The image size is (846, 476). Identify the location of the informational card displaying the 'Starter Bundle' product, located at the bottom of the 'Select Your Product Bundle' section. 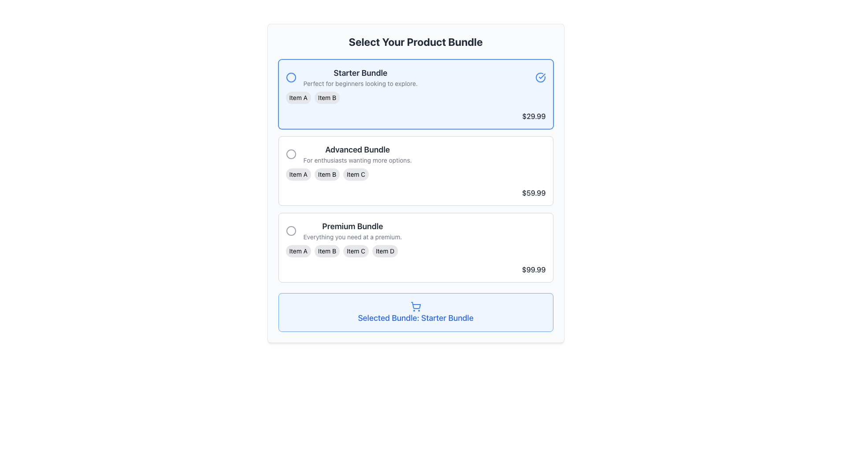
(415, 312).